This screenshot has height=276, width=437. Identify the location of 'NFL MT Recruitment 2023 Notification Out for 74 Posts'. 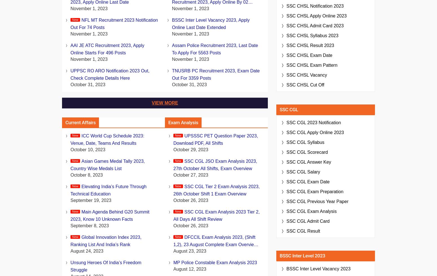
(70, 24).